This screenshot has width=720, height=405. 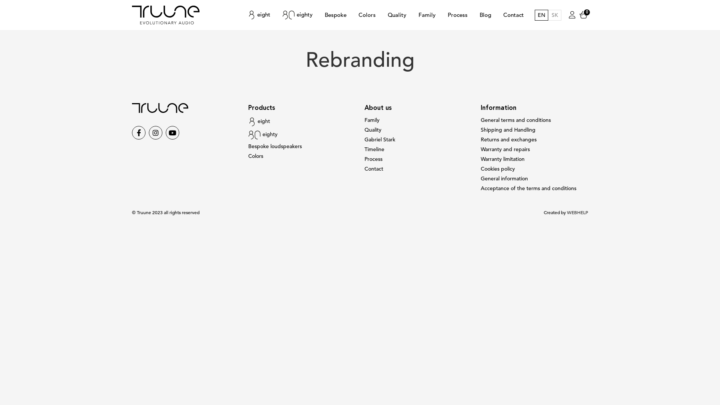 I want to click on 'Quality', so click(x=397, y=15).